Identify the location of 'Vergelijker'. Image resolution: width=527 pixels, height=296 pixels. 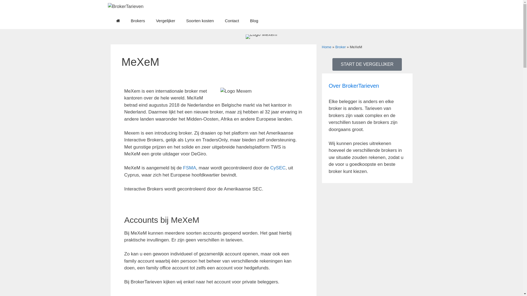
(165, 21).